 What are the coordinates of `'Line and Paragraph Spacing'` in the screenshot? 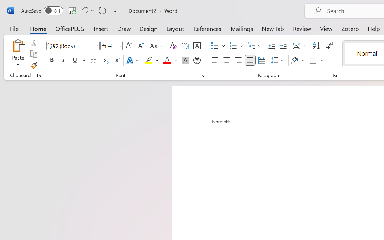 It's located at (278, 60).